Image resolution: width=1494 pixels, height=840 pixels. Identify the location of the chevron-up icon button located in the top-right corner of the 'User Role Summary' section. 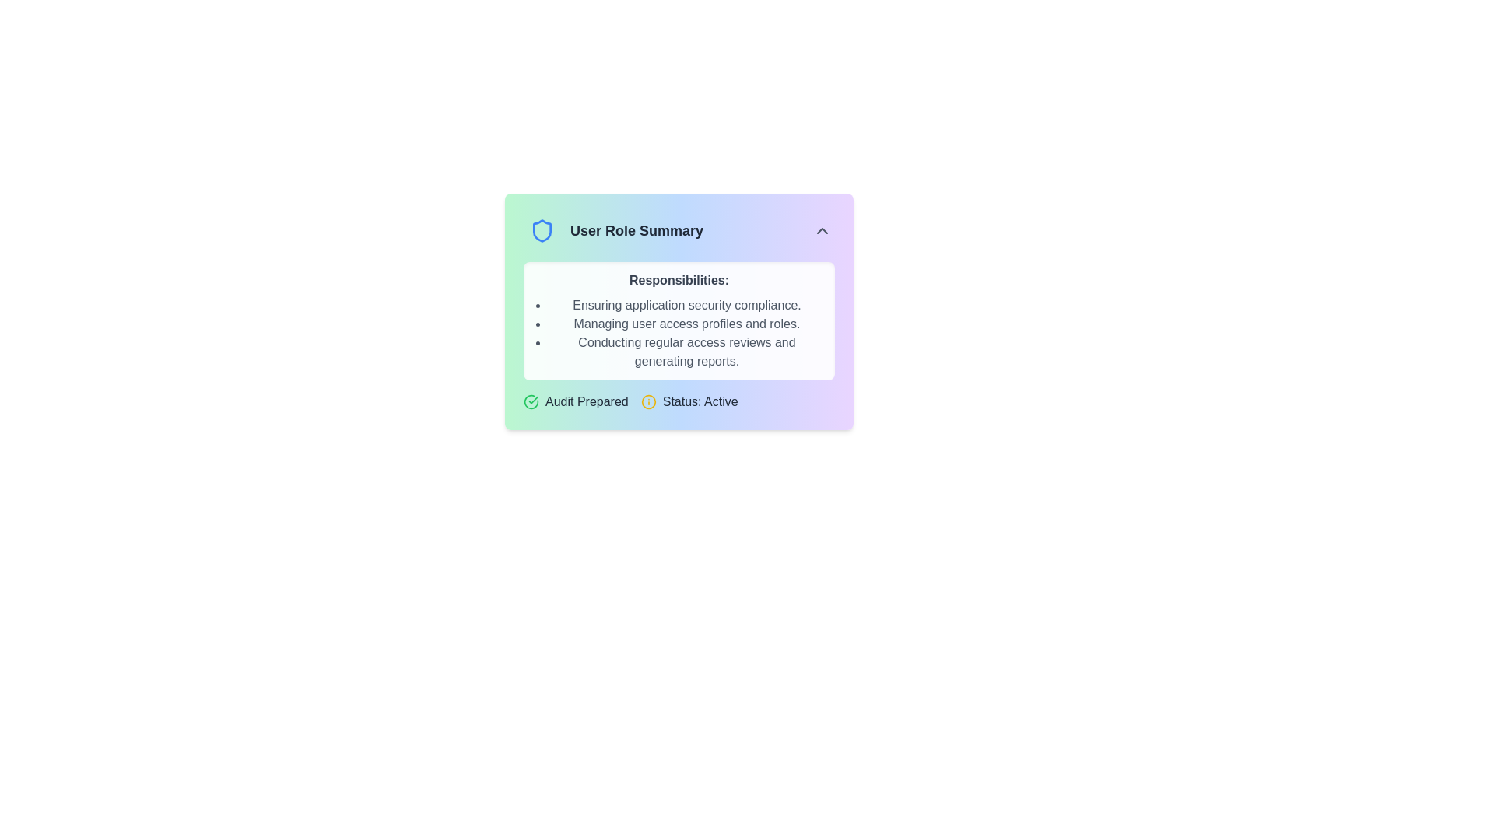
(821, 231).